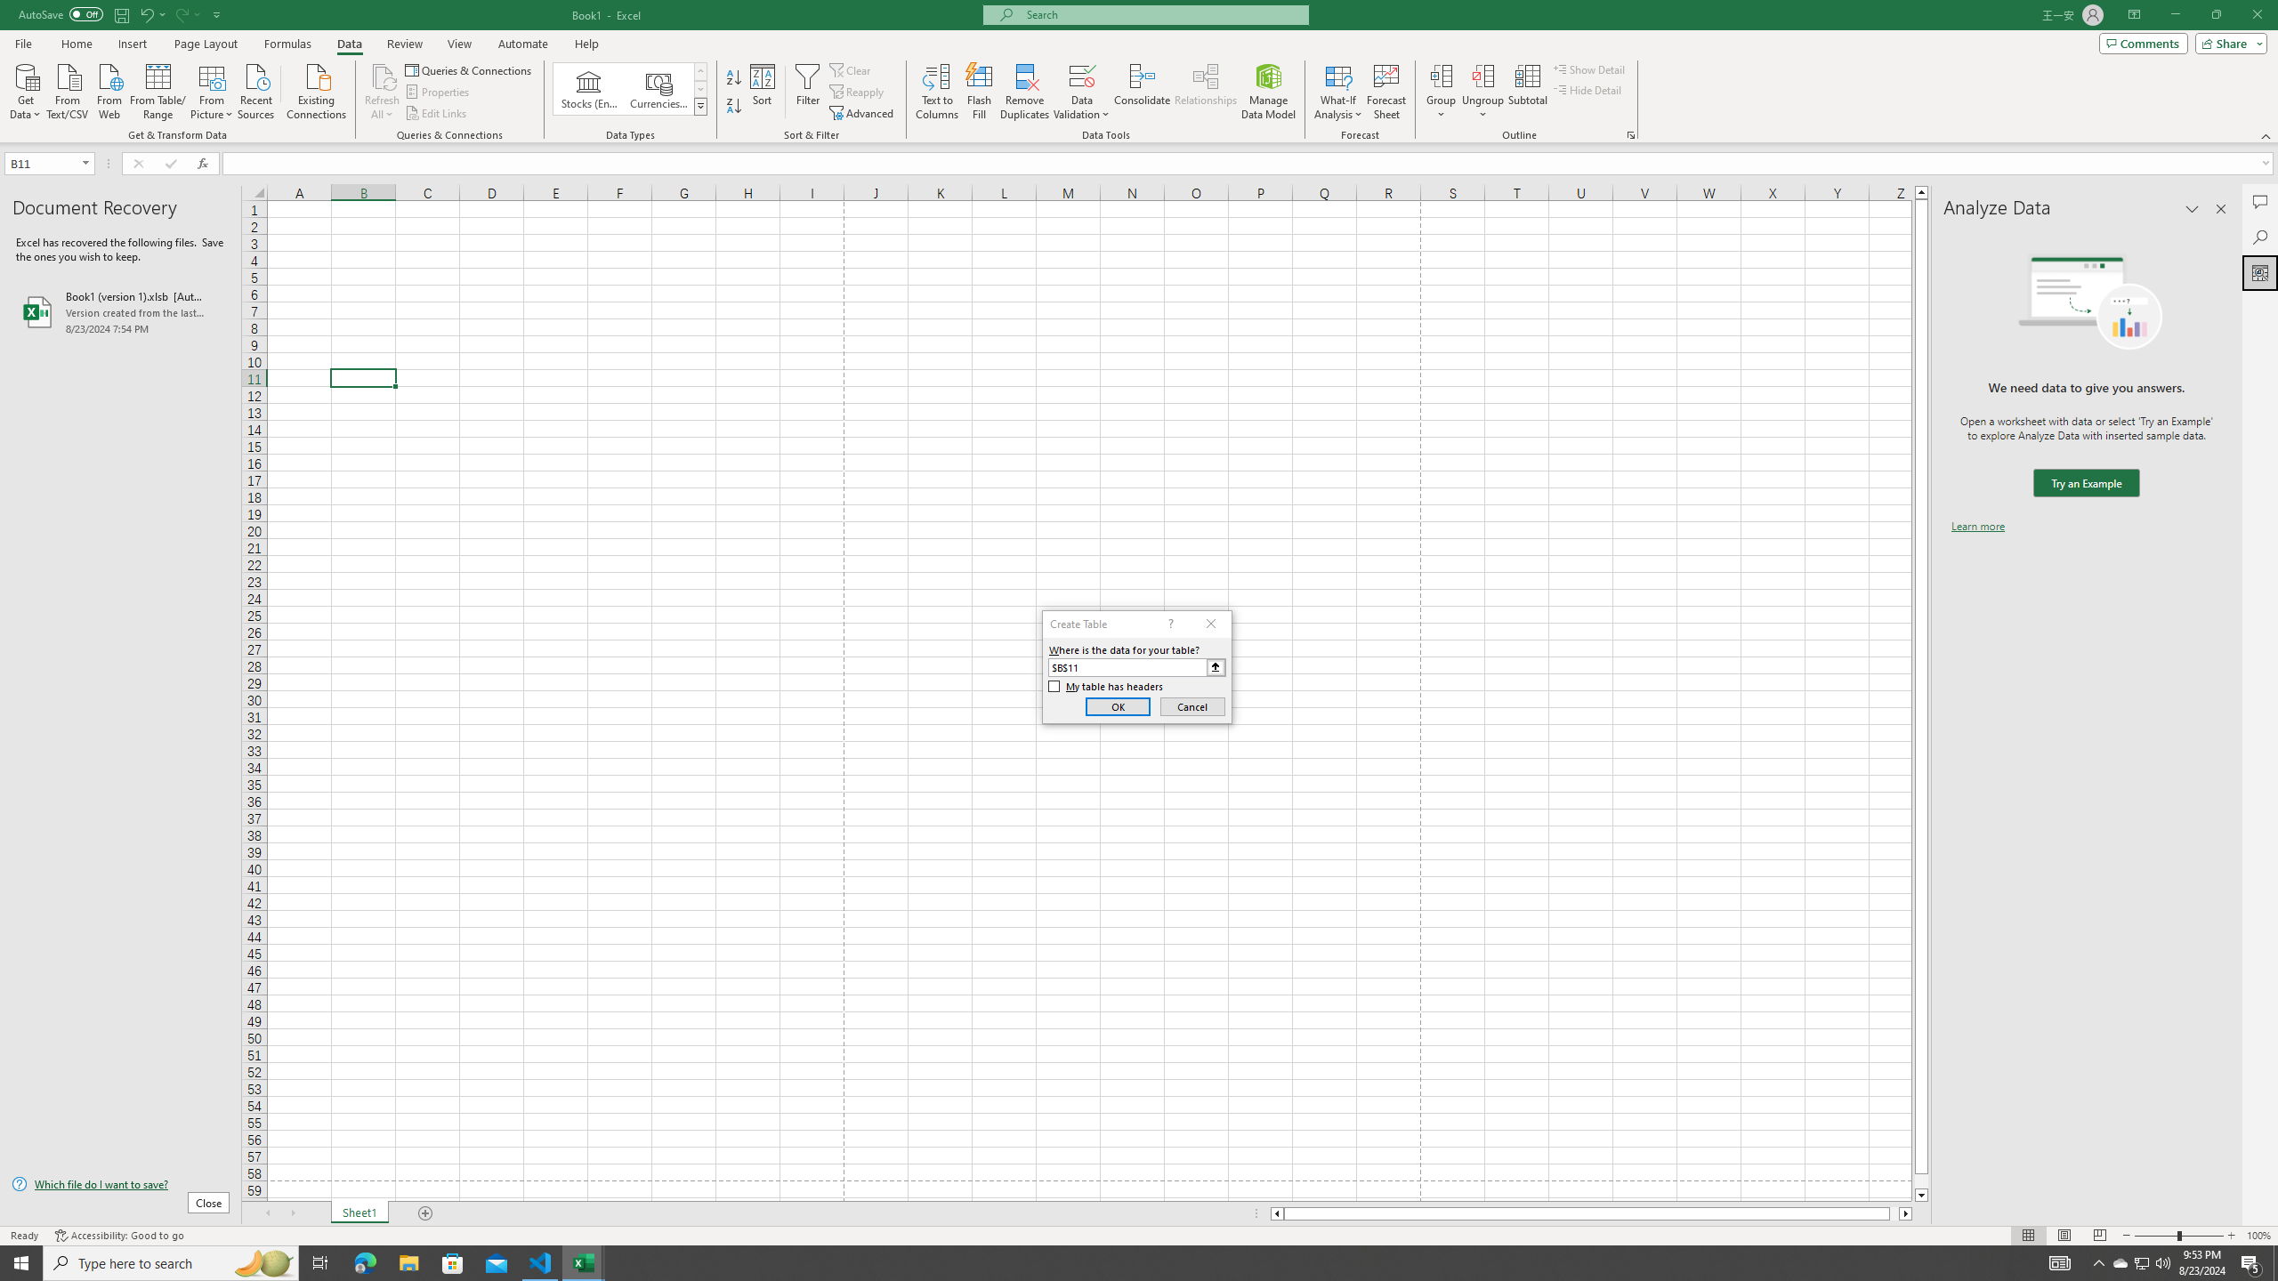 The width and height of the screenshot is (2278, 1281). I want to click on 'Ungroup...', so click(1482, 92).